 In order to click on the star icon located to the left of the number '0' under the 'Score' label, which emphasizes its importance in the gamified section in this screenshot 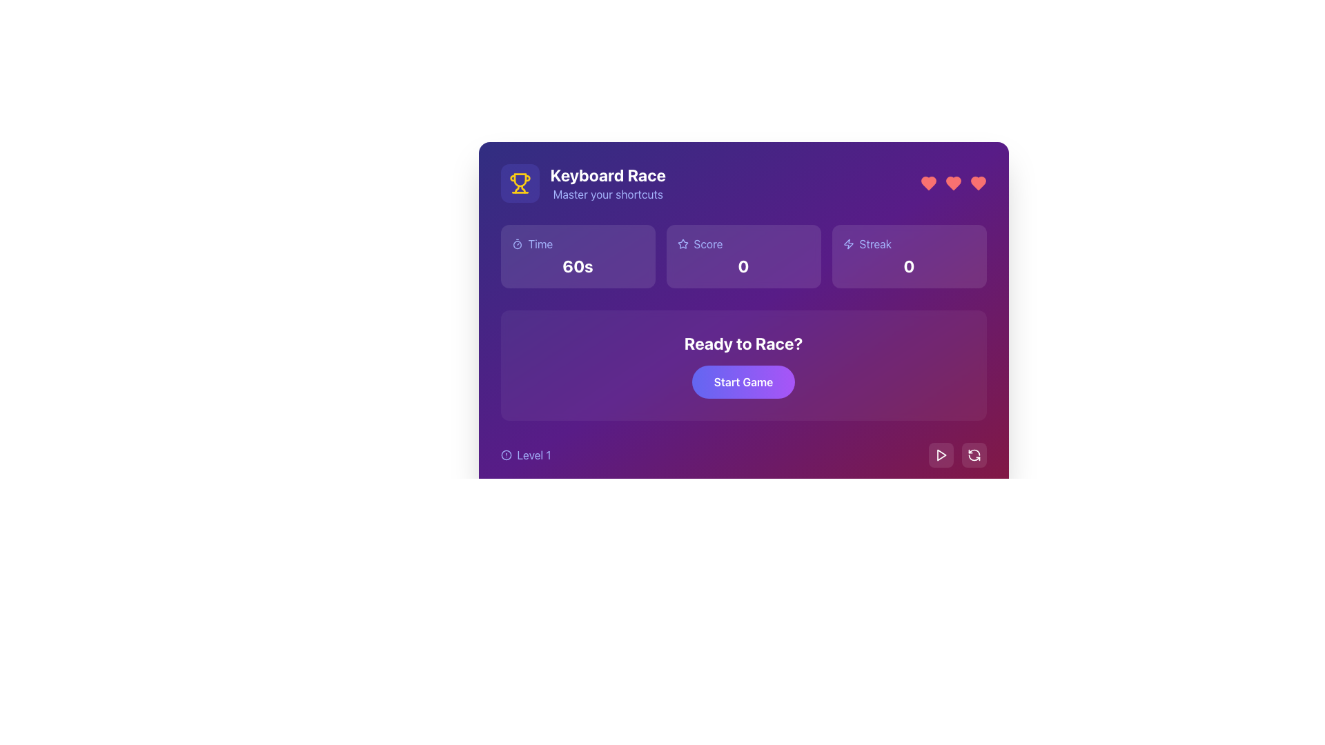, I will do `click(683, 244)`.